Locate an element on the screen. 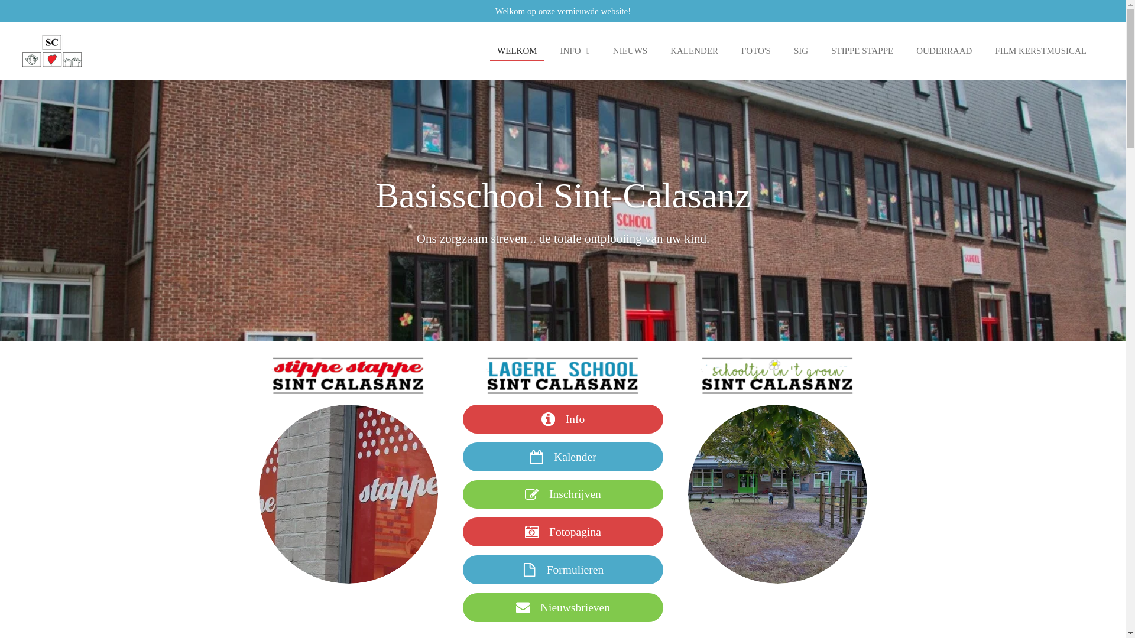  'Nieuwsbrieven' is located at coordinates (562, 607).